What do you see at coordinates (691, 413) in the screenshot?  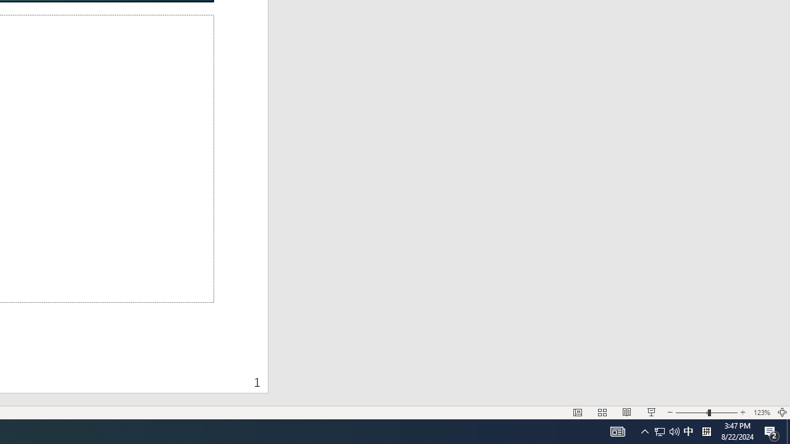 I see `'Zoom Out'` at bounding box center [691, 413].